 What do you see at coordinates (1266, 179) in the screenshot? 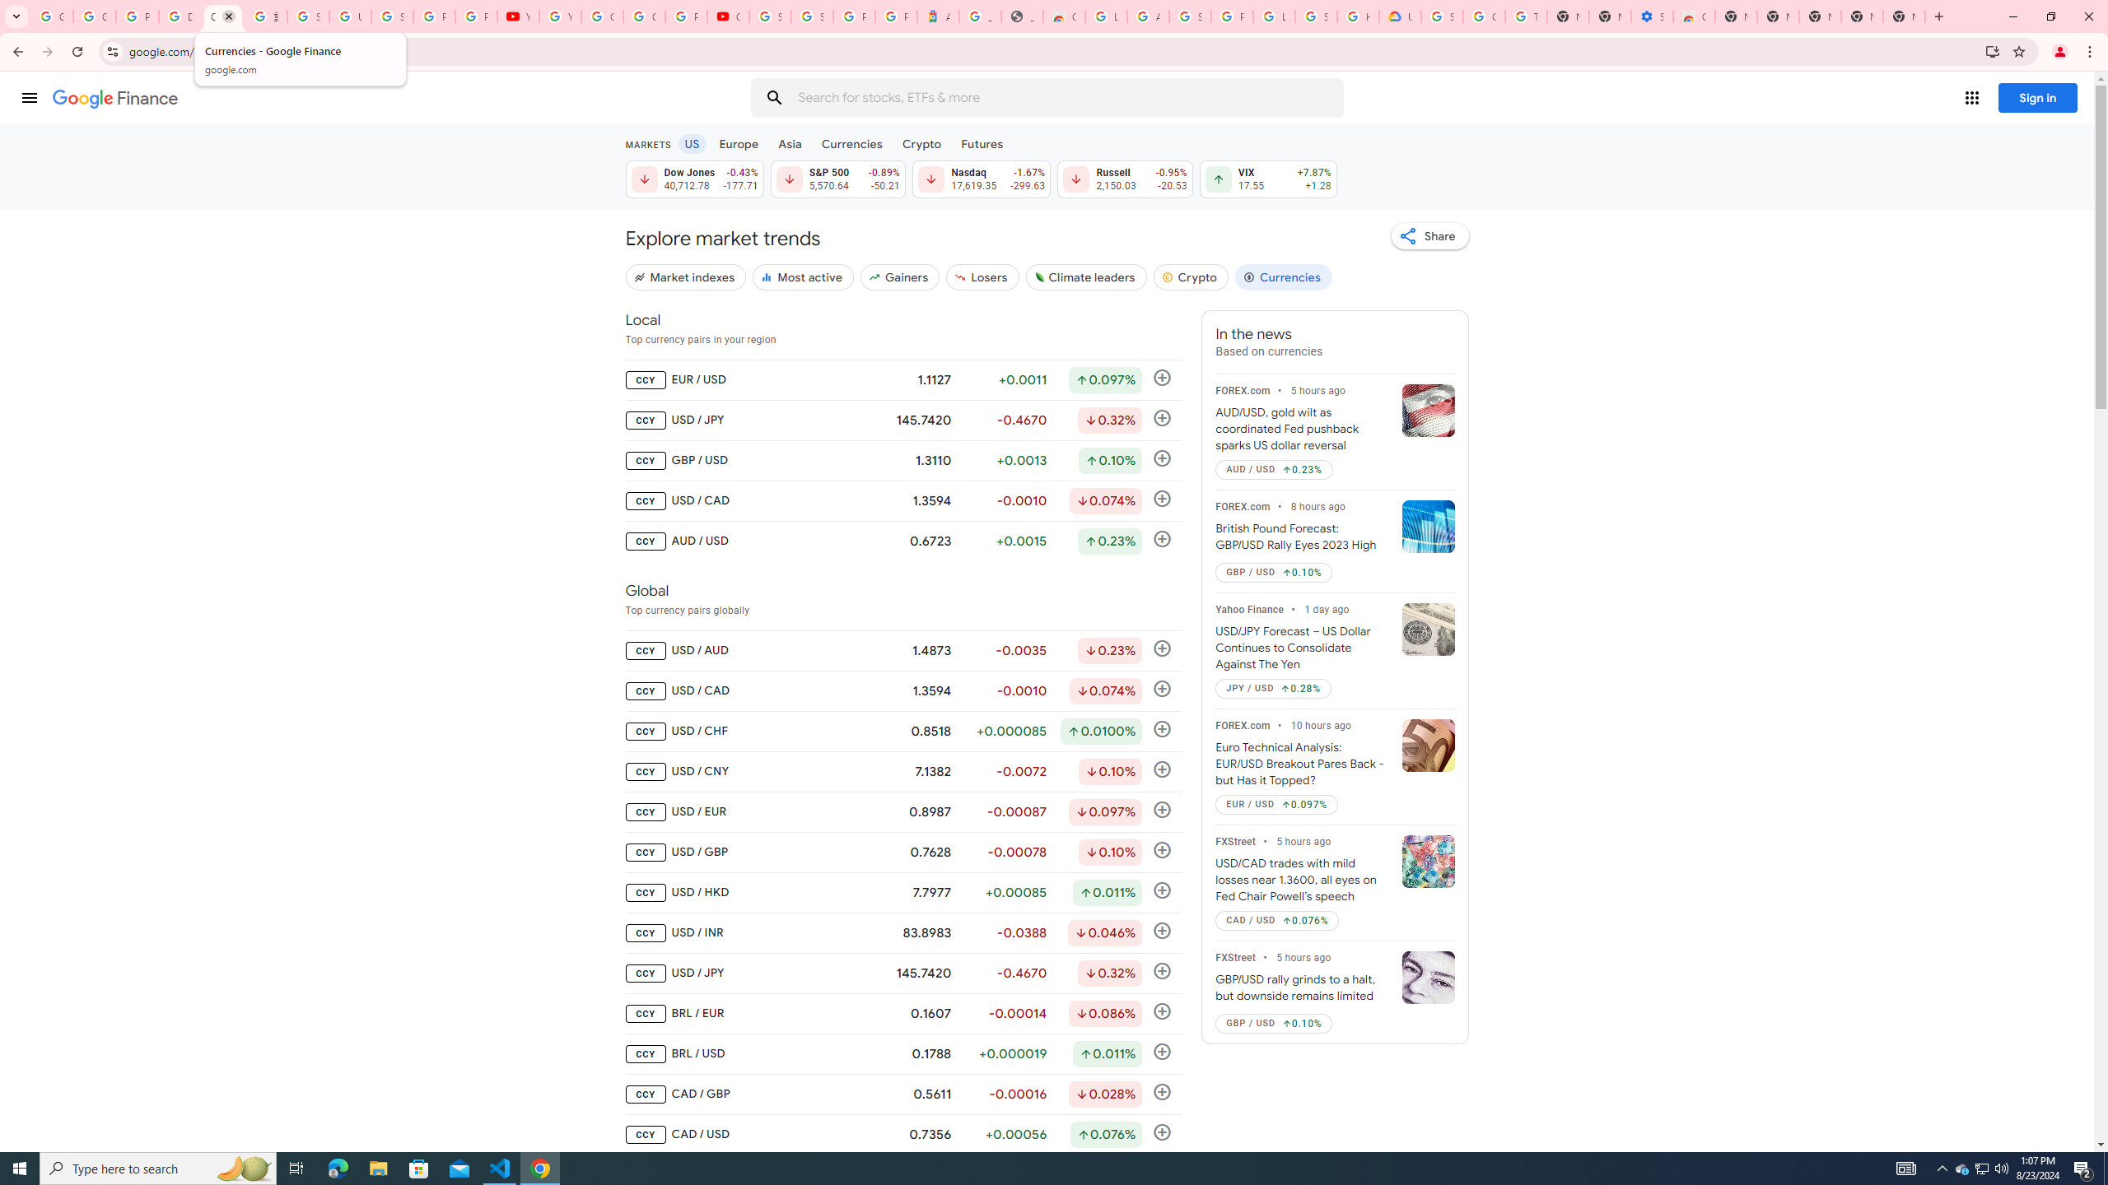
I see `'VIX 17.55 Up by 7.87% +1.28'` at bounding box center [1266, 179].